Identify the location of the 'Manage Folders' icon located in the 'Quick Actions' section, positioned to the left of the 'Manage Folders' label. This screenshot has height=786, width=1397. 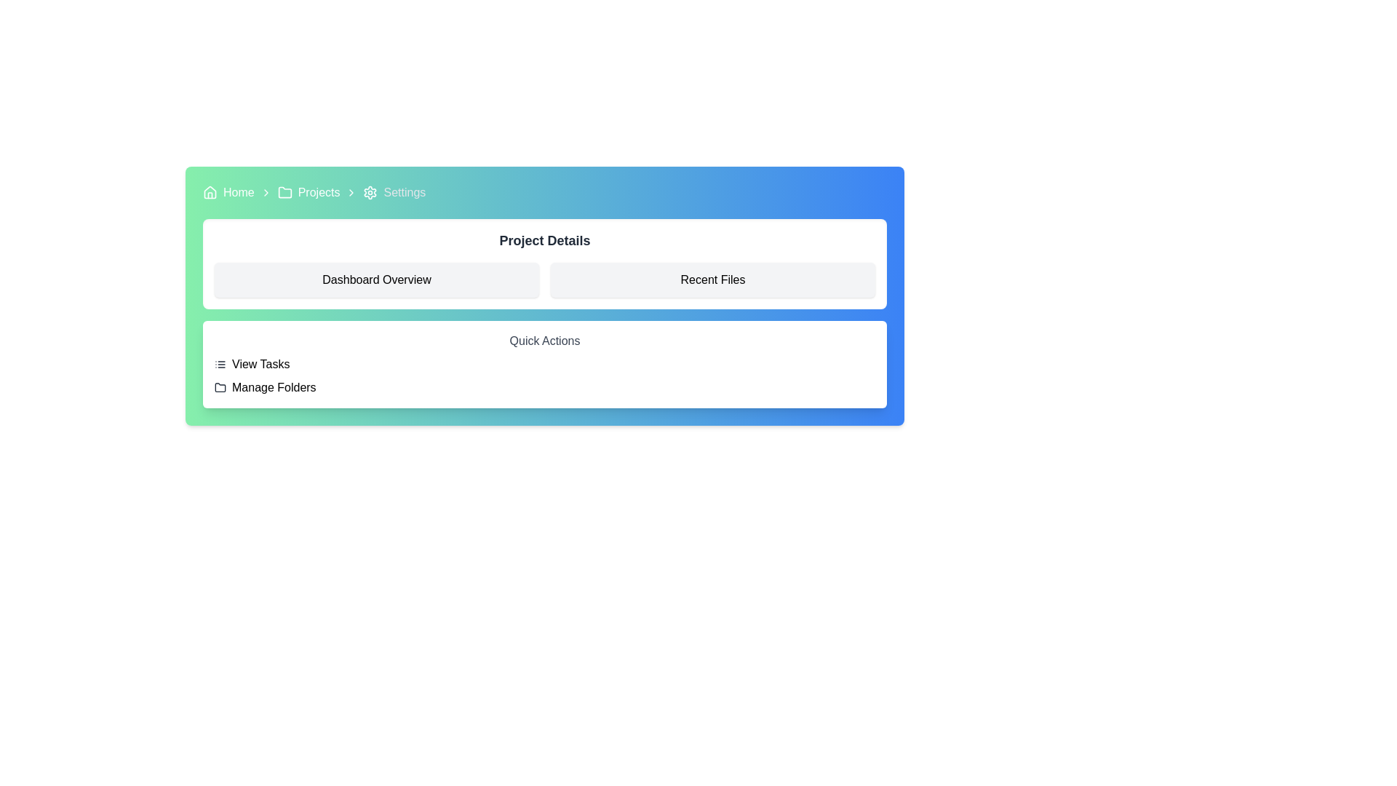
(219, 386).